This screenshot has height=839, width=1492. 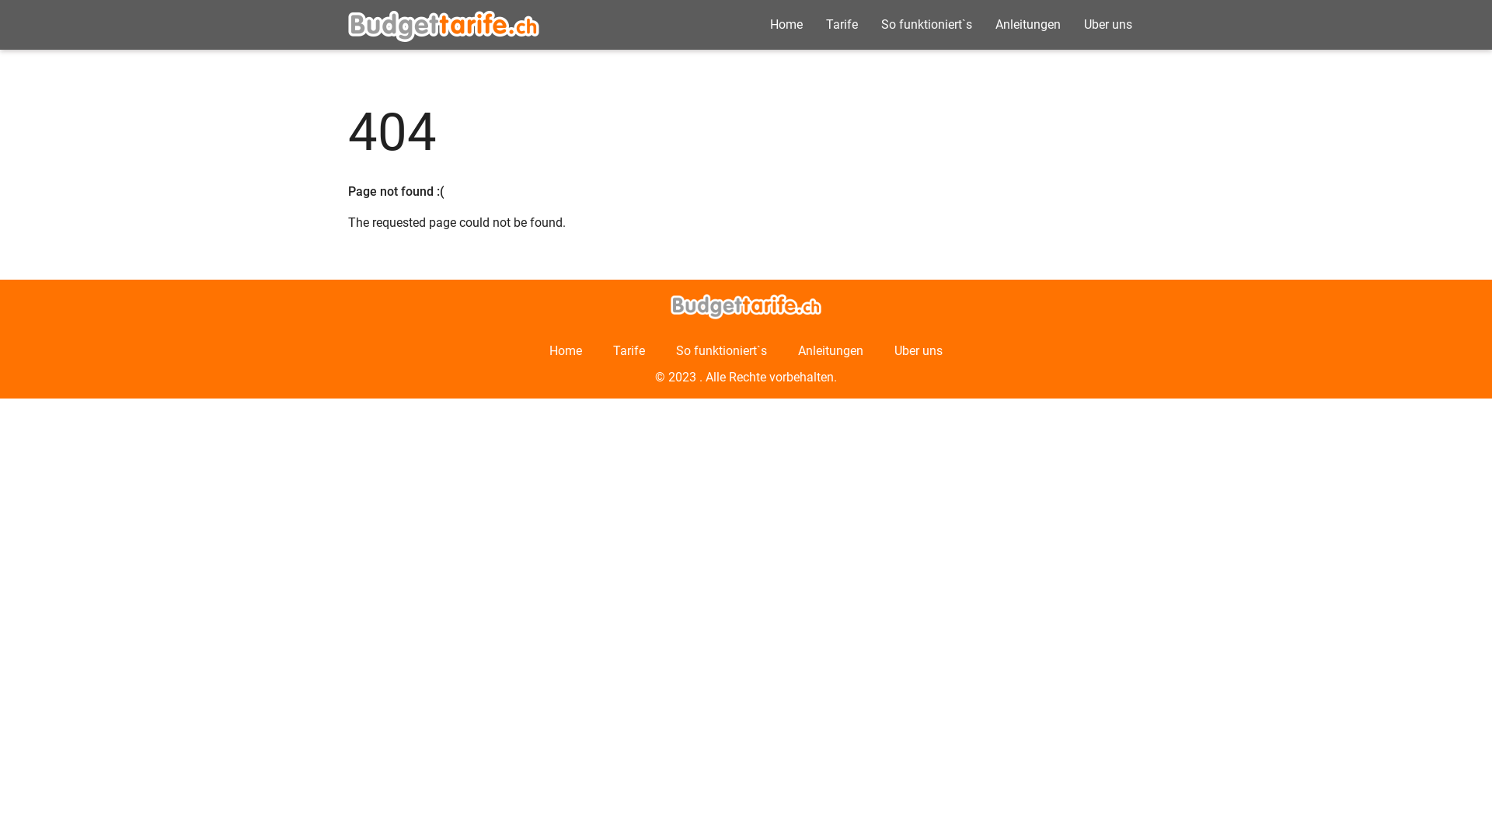 What do you see at coordinates (1107, 24) in the screenshot?
I see `'Uber uns'` at bounding box center [1107, 24].